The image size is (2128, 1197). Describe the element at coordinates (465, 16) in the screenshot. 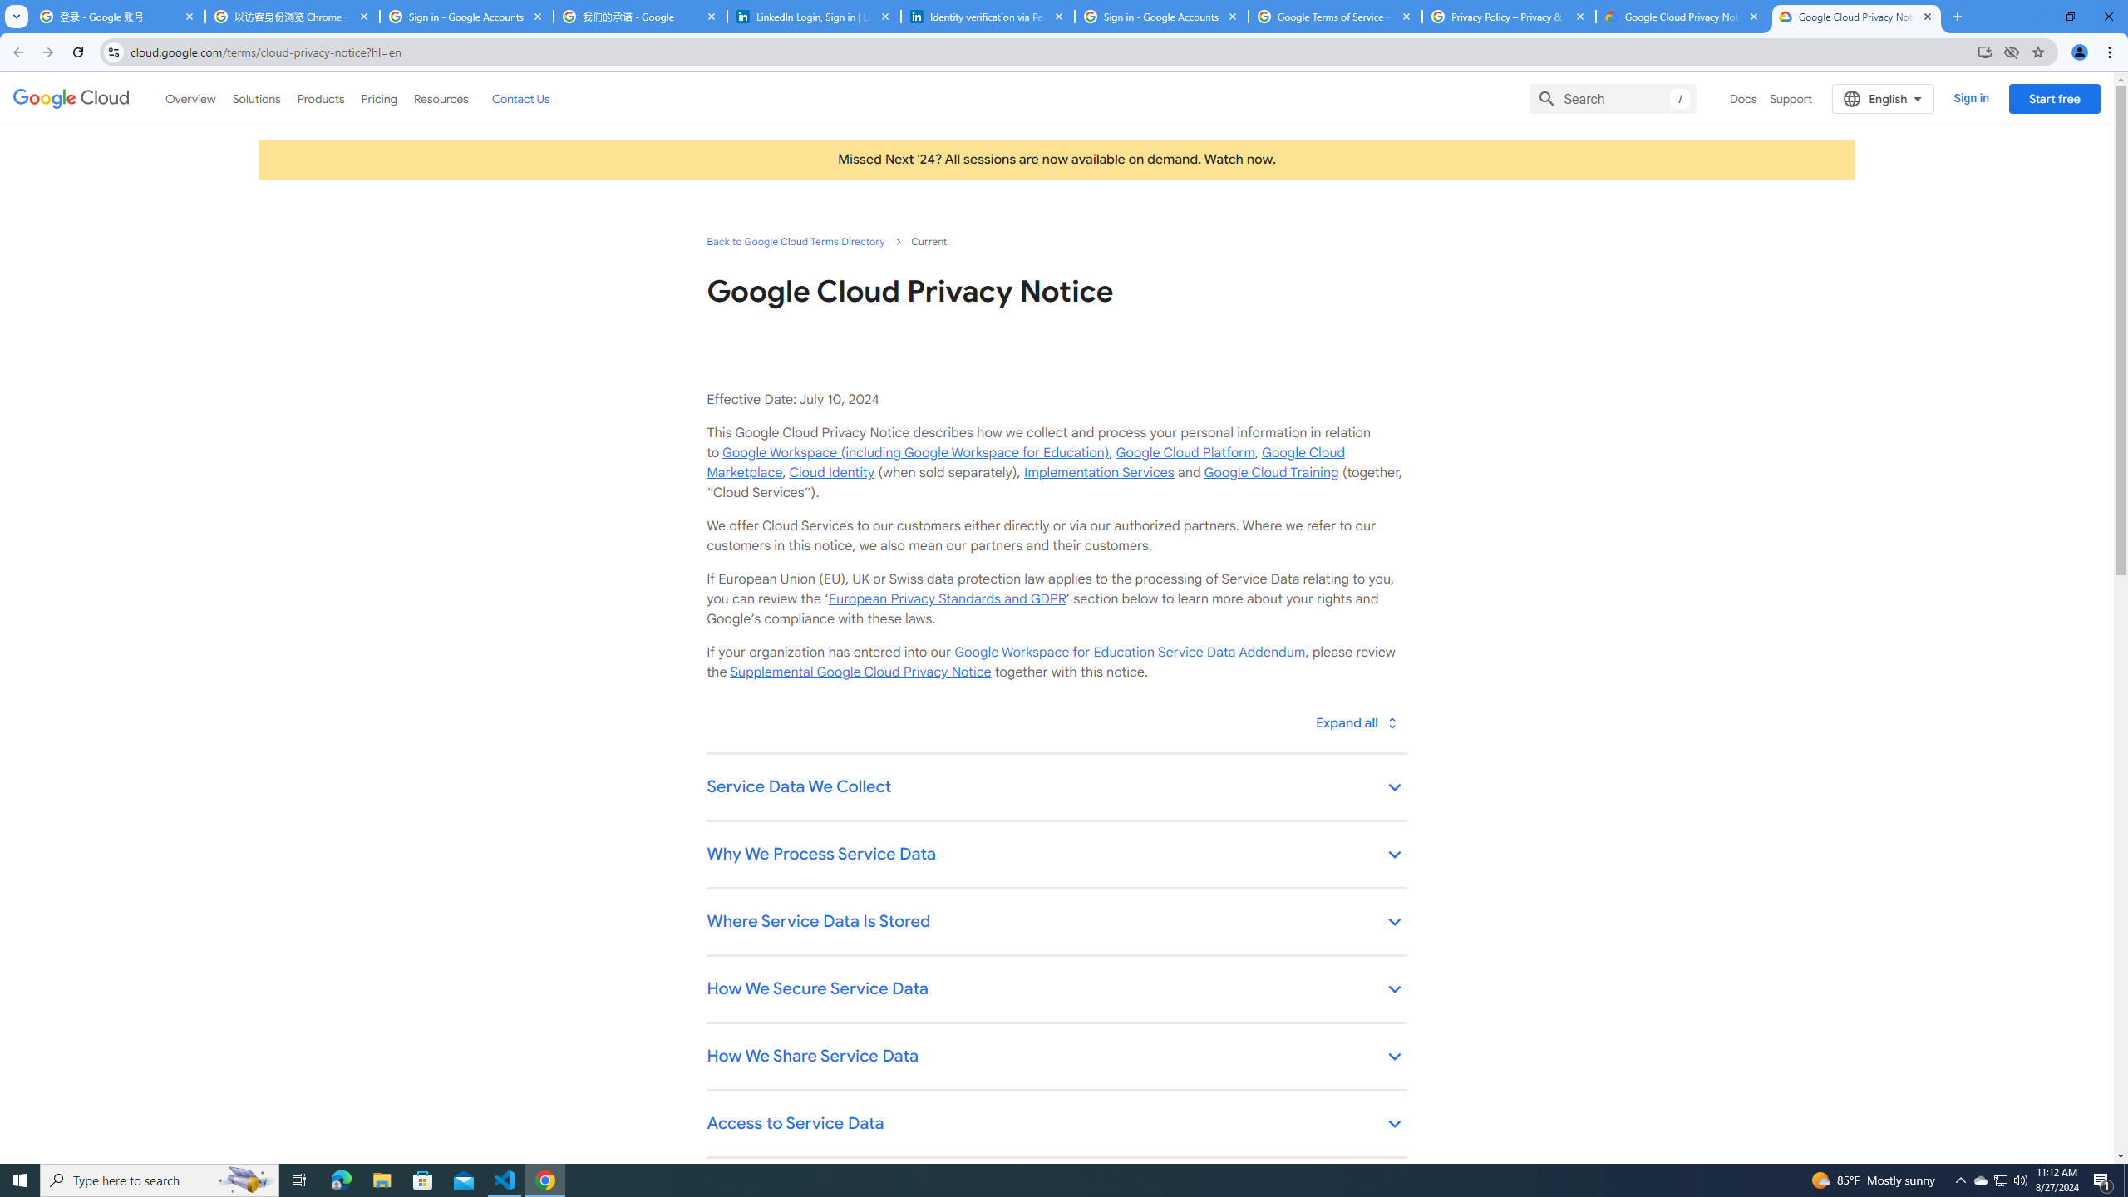

I see `'Sign in - Google Accounts'` at that location.